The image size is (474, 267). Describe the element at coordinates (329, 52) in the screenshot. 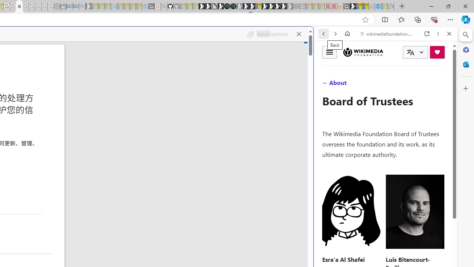

I see `'Toggle menu'` at that location.